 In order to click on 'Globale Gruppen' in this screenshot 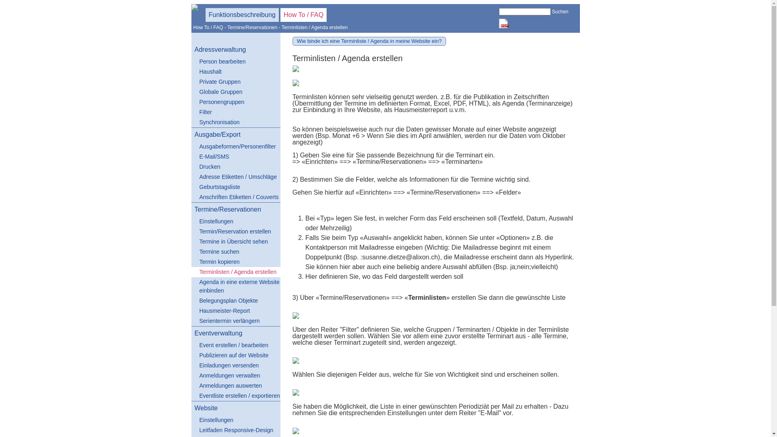, I will do `click(190, 91)`.